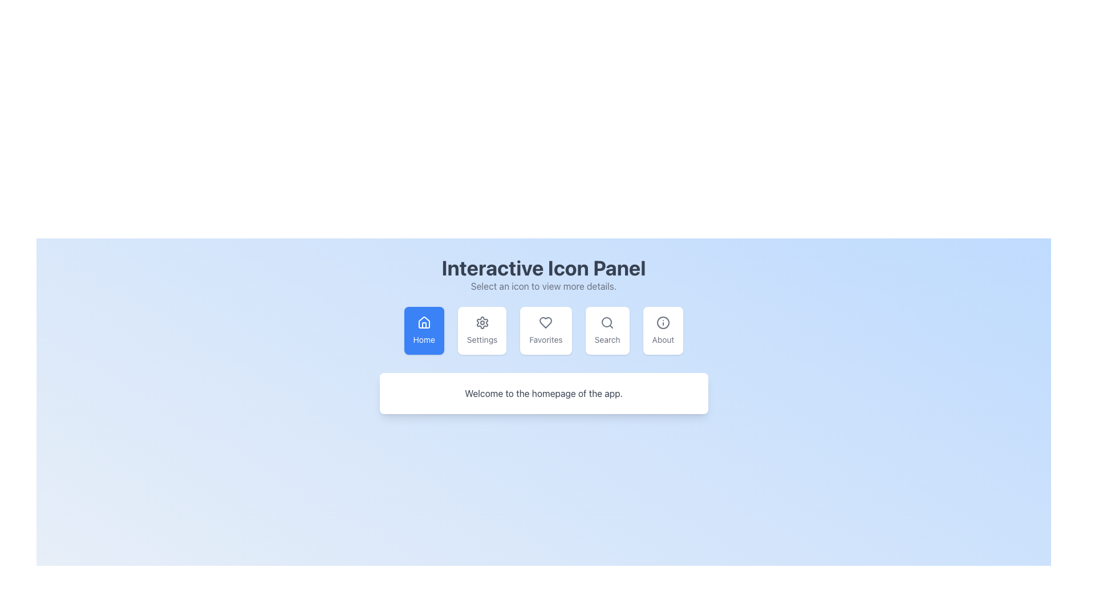  Describe the element at coordinates (423, 322) in the screenshot. I see `the 'Home' icon, which is a white house-shaped icon on a blue background, located near the top left portion of the interface` at that location.